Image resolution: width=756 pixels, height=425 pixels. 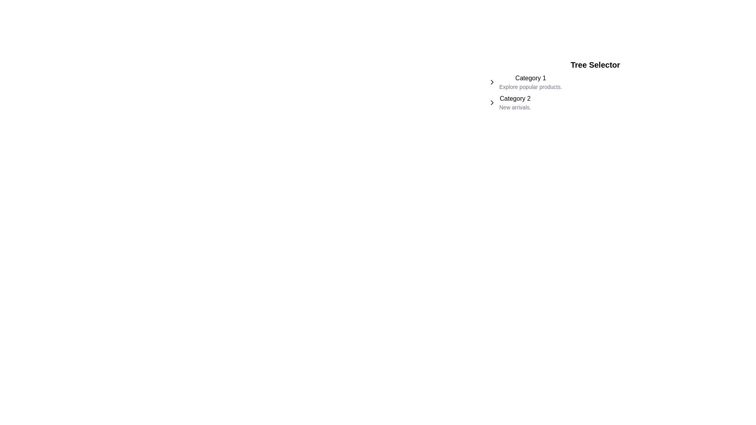 I want to click on the text label displaying 'New arrivals.' located beneath the 'Category 2' heading, so click(x=515, y=107).